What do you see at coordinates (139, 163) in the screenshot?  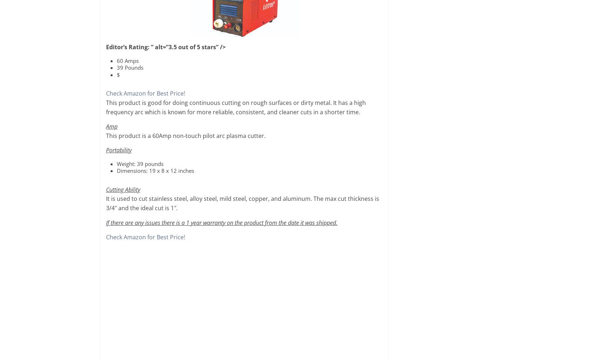 I see `'Weight: 39 pounds'` at bounding box center [139, 163].